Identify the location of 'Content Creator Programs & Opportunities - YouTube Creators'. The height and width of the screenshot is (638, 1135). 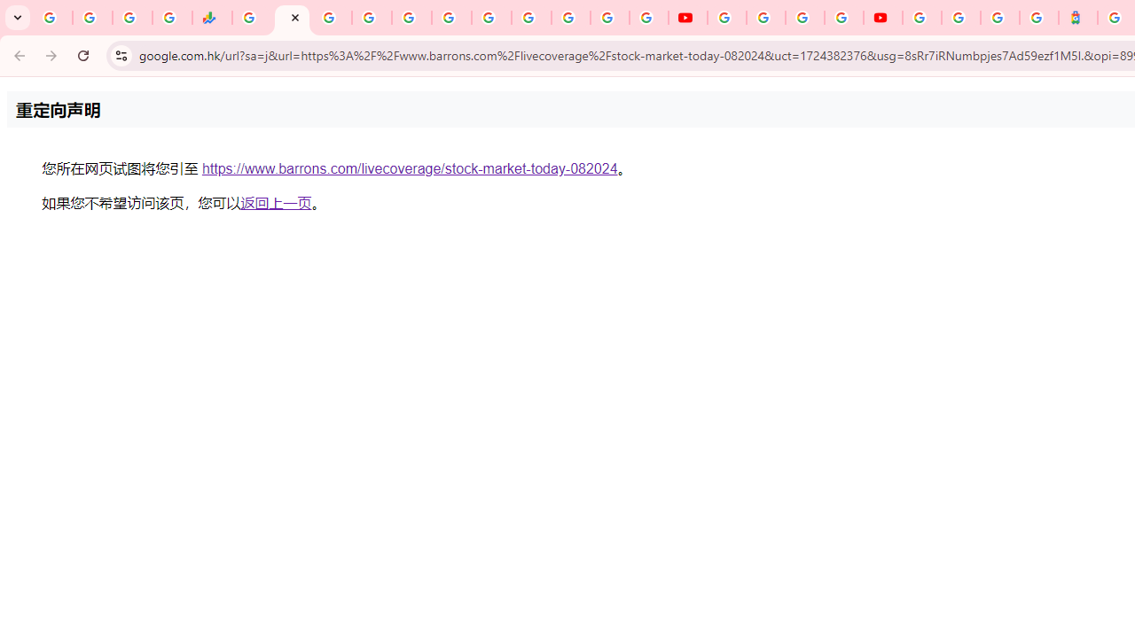
(882, 18).